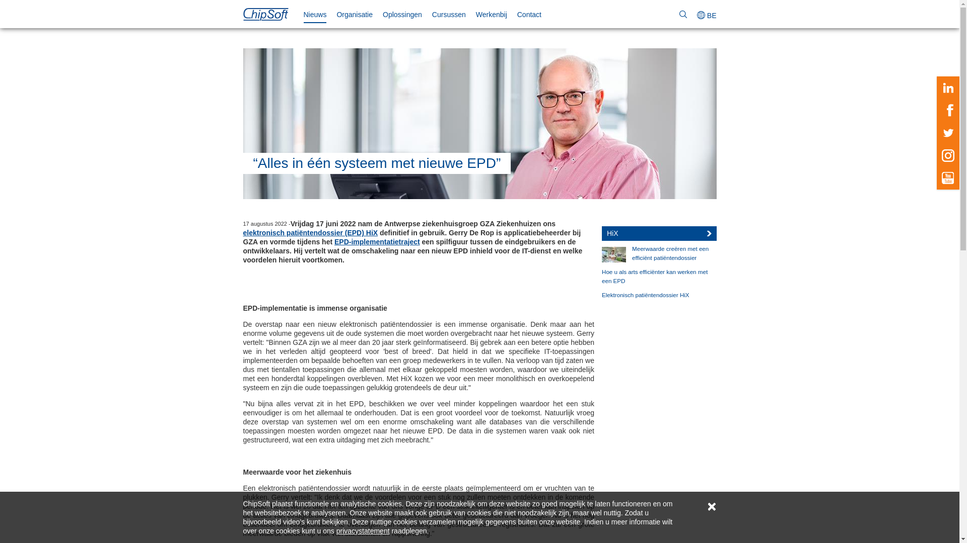 The width and height of the screenshot is (967, 543). What do you see at coordinates (947, 155) in the screenshot?
I see `'Instagram'` at bounding box center [947, 155].